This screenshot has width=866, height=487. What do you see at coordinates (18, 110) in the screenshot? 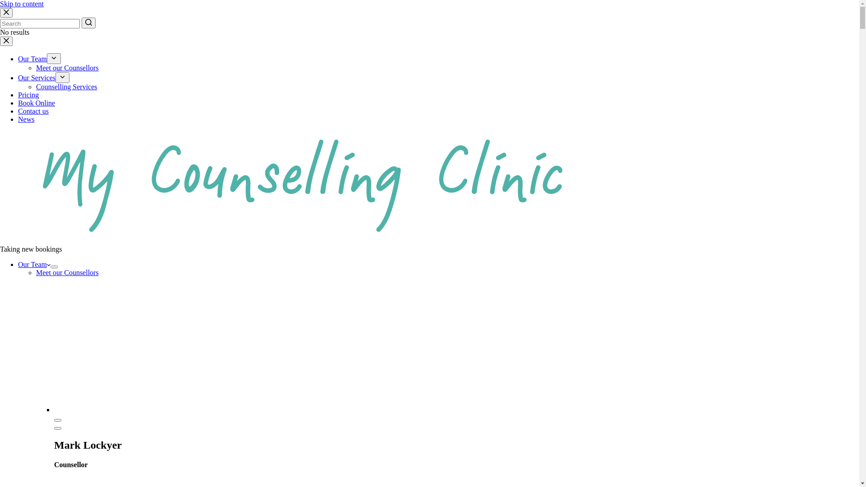
I see `'Contact us'` at bounding box center [18, 110].